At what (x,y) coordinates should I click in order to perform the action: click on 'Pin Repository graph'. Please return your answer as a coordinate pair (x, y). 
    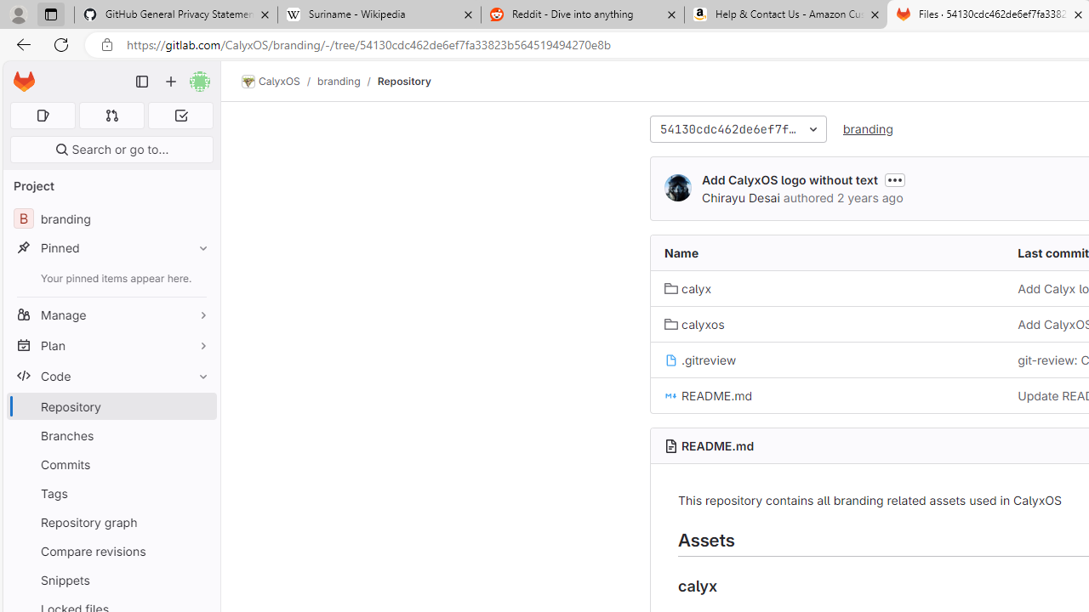
    Looking at the image, I should click on (199, 521).